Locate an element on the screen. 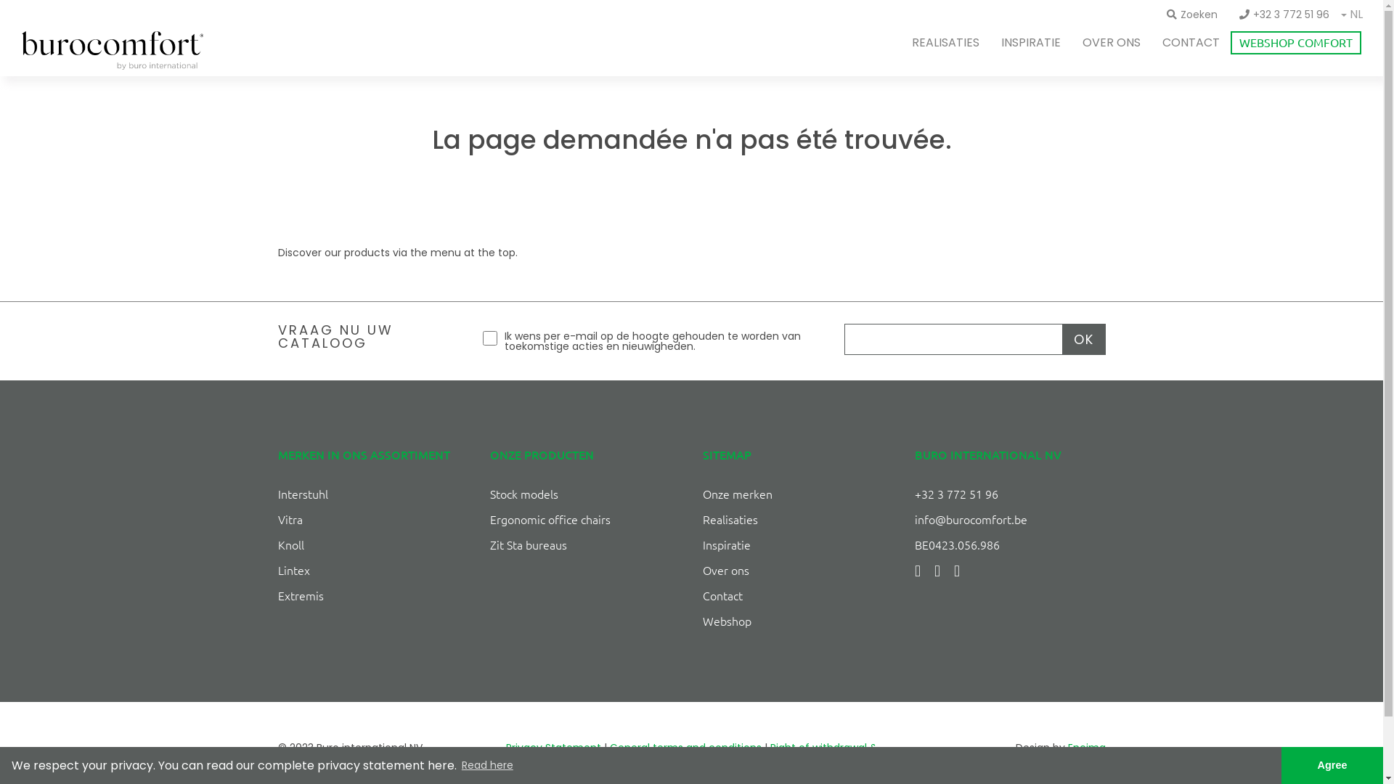  'WEBSHOP COMFORT' is located at coordinates (1296, 41).